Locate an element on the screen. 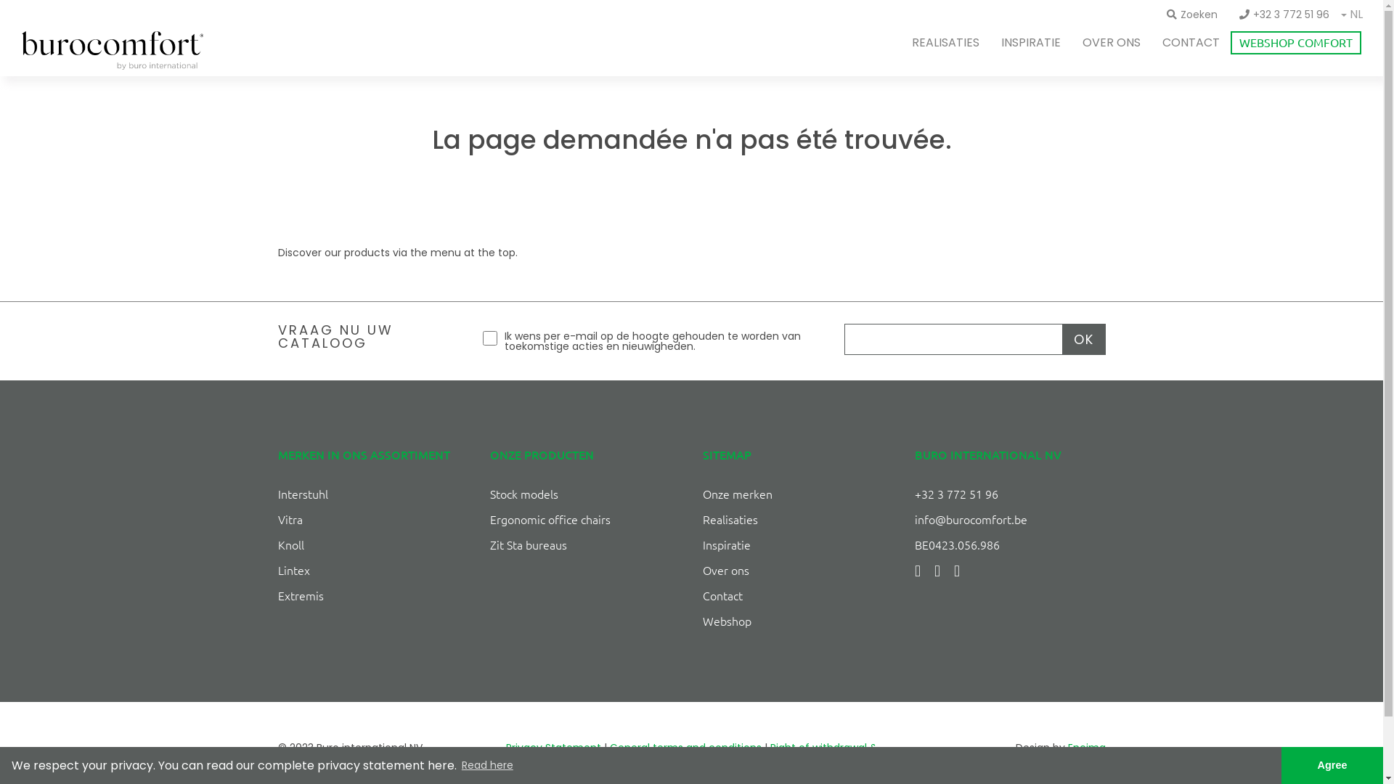  'WEBSHOP COMFORT' is located at coordinates (1296, 41).